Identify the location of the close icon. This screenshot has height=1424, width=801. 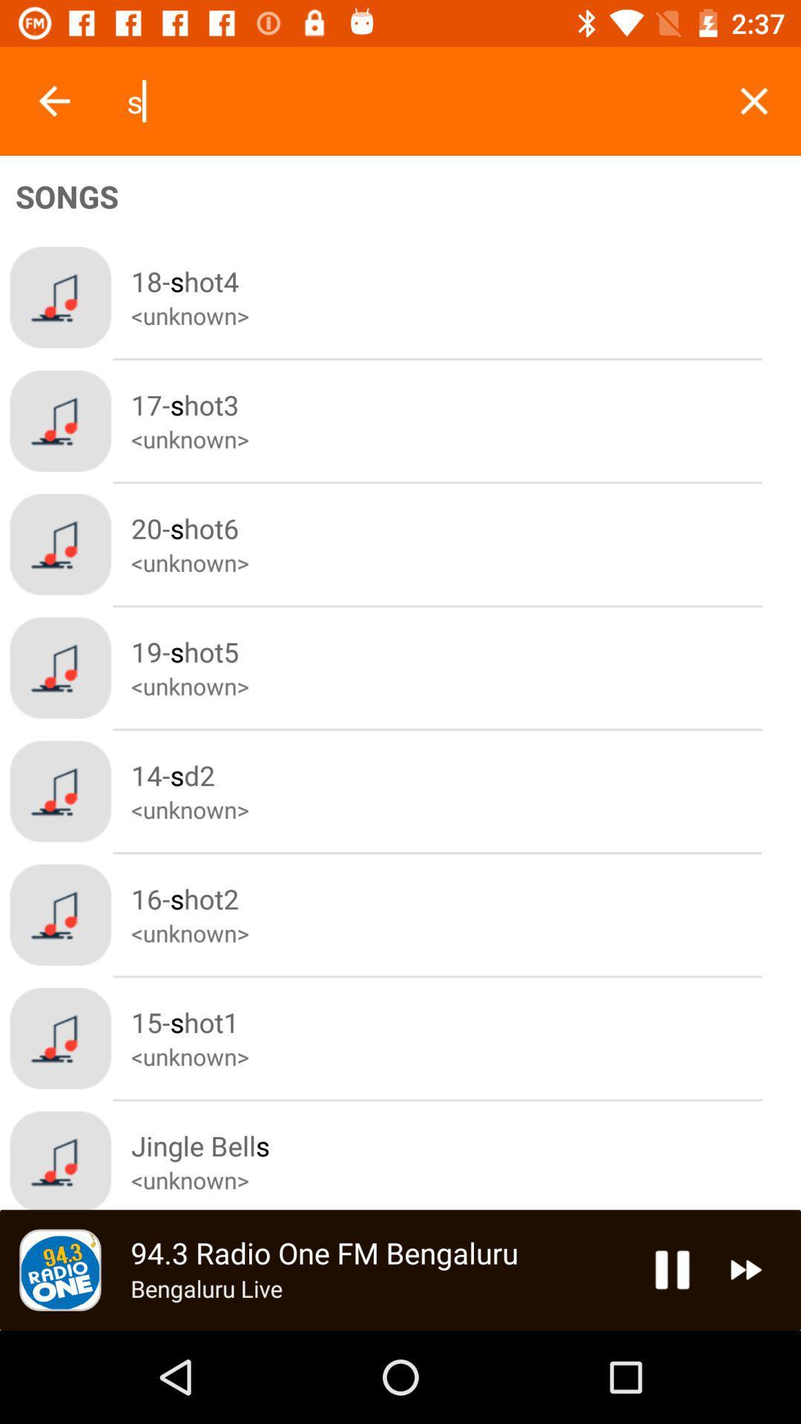
(754, 100).